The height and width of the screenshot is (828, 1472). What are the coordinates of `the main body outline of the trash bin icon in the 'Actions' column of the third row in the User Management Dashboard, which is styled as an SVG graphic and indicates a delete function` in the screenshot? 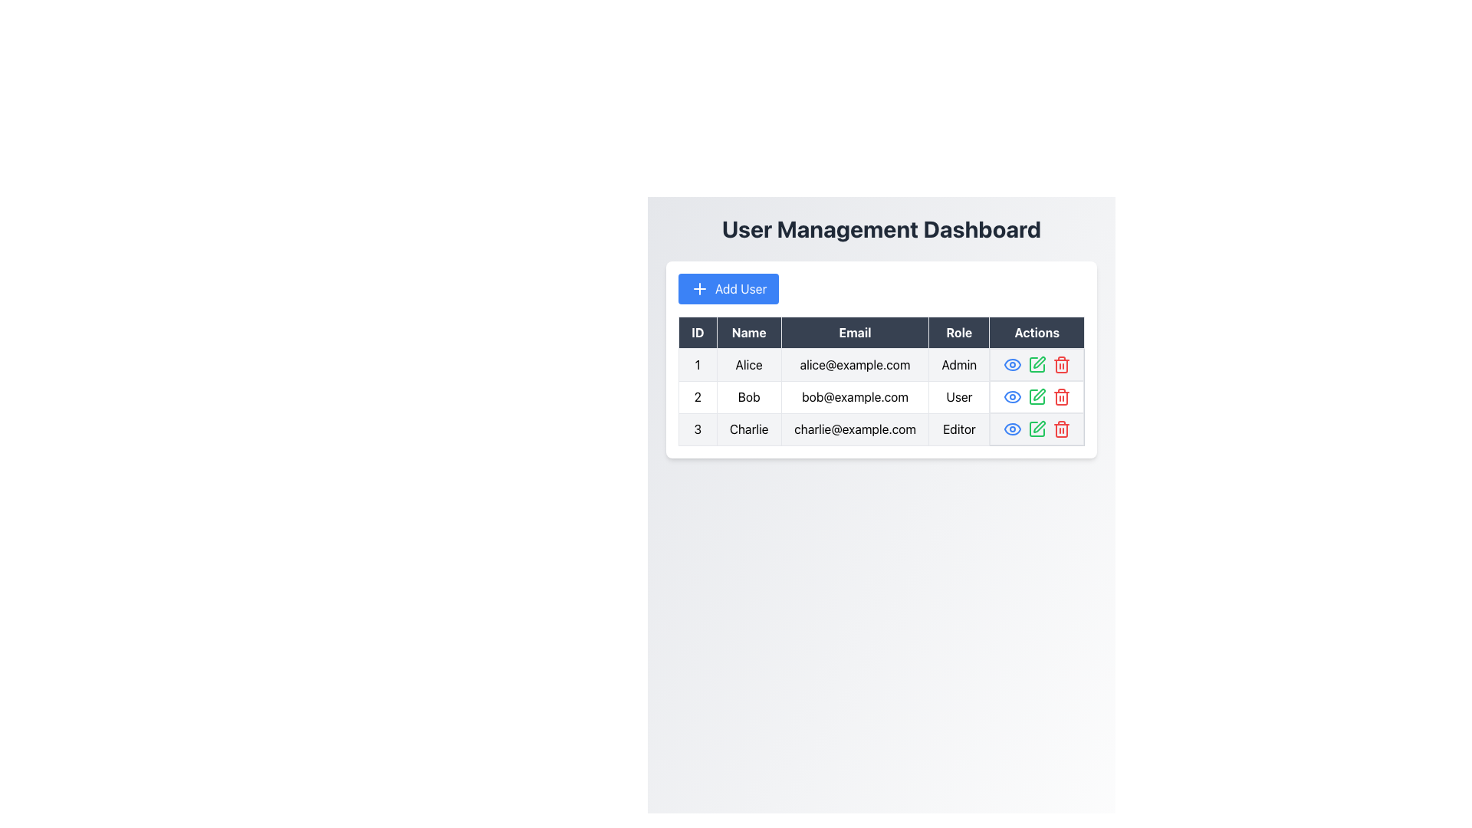 It's located at (1060, 366).